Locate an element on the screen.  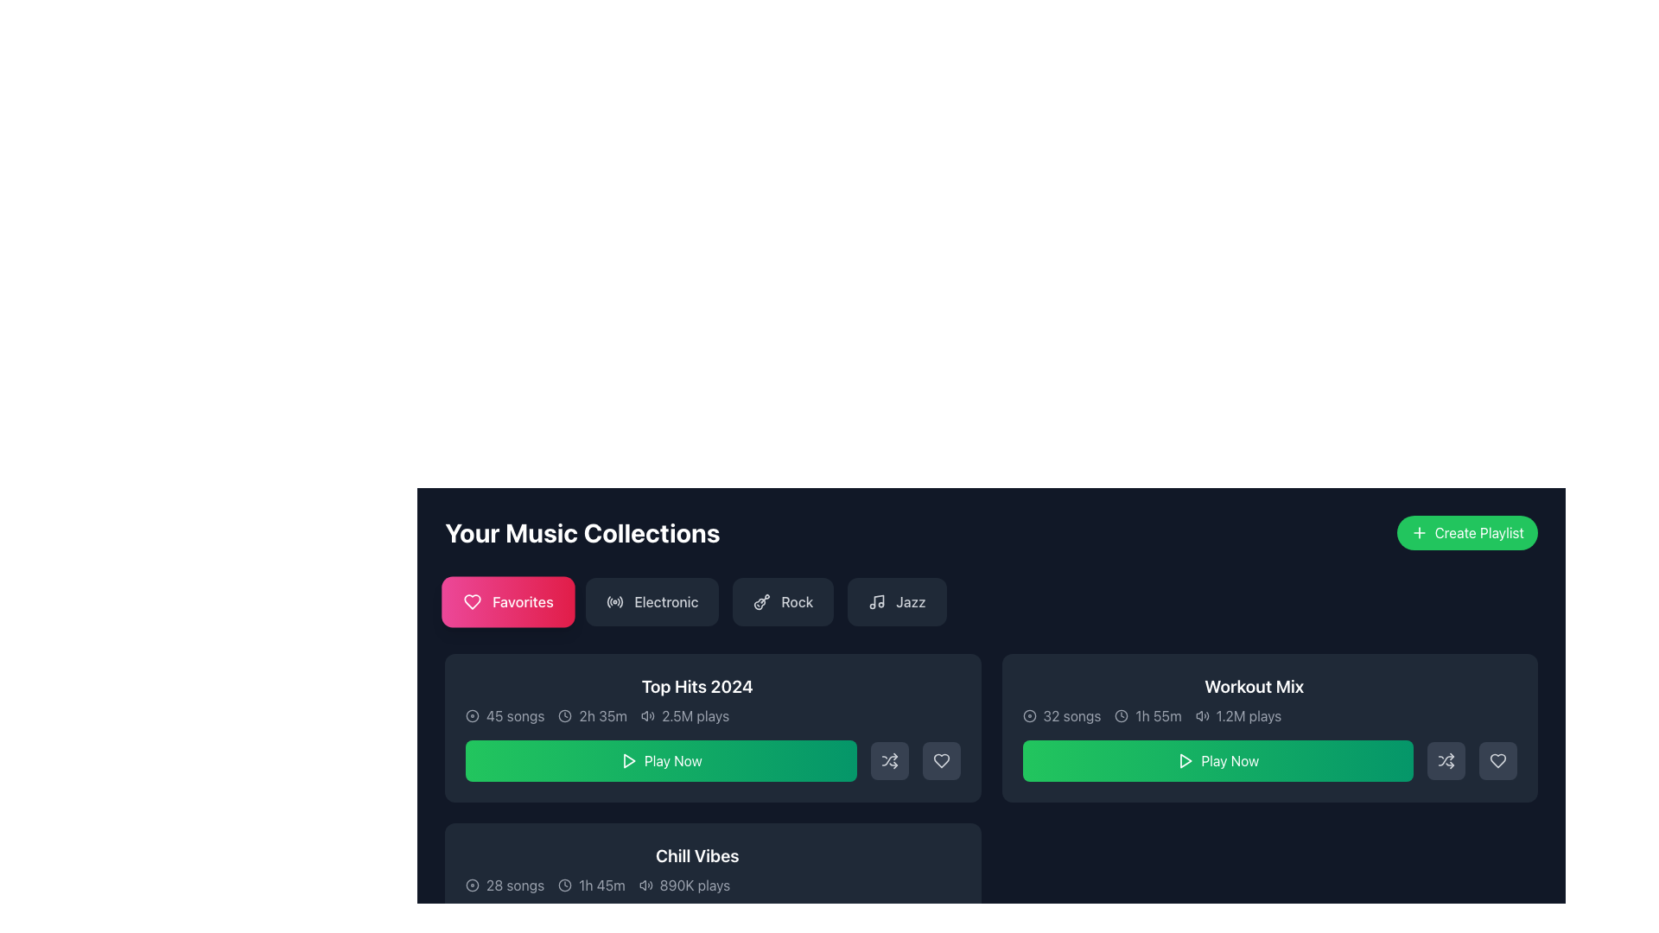
the textual information element displaying 'Top Hits 2024' located in the first card under 'Your Music Collections' to focus on it is located at coordinates (697, 700).